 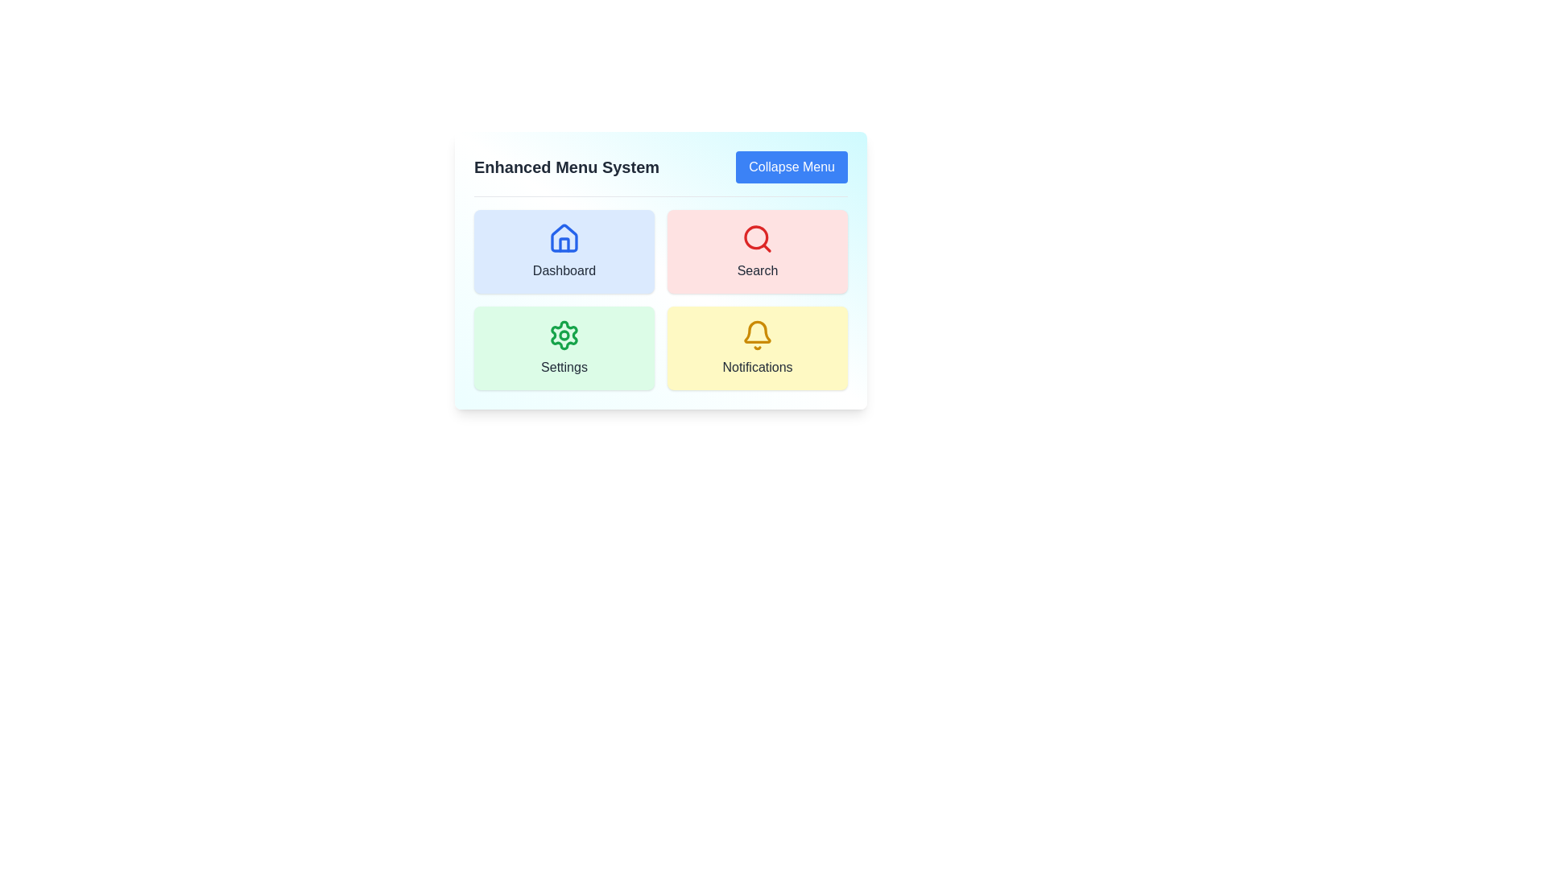 What do you see at coordinates (564, 238) in the screenshot?
I see `the 'Dashboard' icon located within the blue button in the upper-left quadrant of the navigation grid` at bounding box center [564, 238].